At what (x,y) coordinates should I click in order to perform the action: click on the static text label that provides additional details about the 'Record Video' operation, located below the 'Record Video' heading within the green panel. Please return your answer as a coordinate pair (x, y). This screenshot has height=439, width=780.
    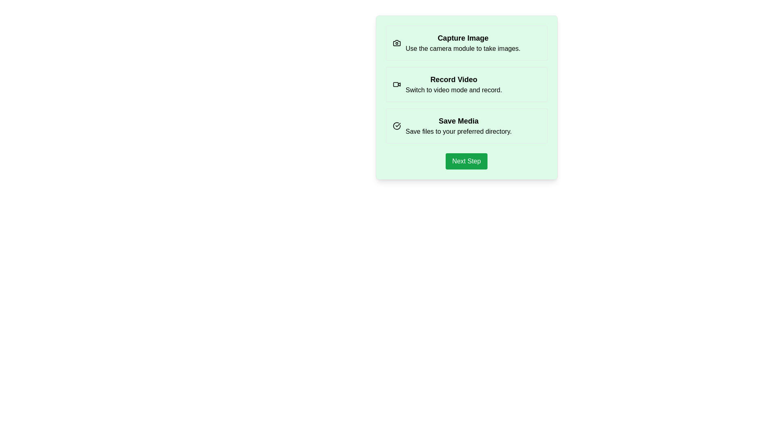
    Looking at the image, I should click on (453, 90).